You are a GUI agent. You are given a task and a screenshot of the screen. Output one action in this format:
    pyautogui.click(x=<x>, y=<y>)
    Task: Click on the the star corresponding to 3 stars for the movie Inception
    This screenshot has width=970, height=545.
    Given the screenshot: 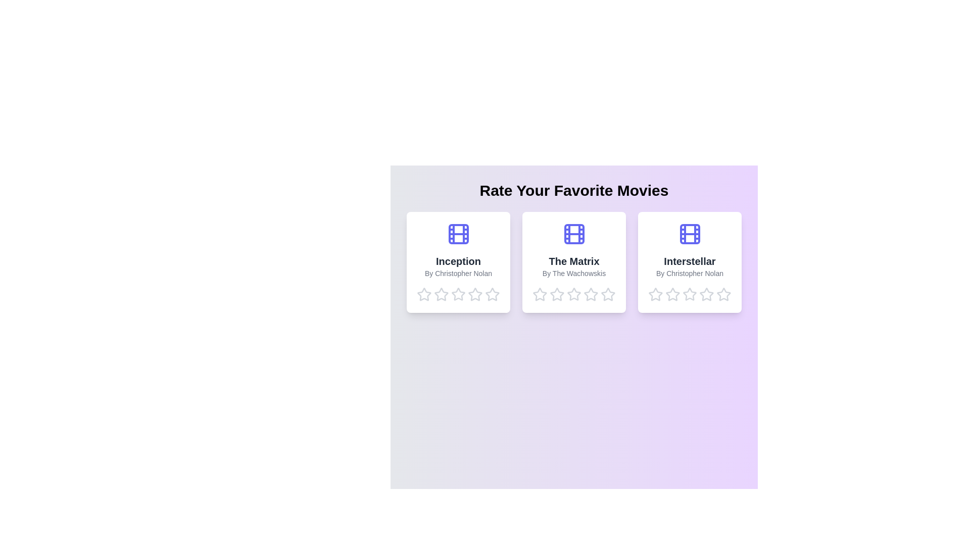 What is the action you would take?
    pyautogui.click(x=458, y=294)
    